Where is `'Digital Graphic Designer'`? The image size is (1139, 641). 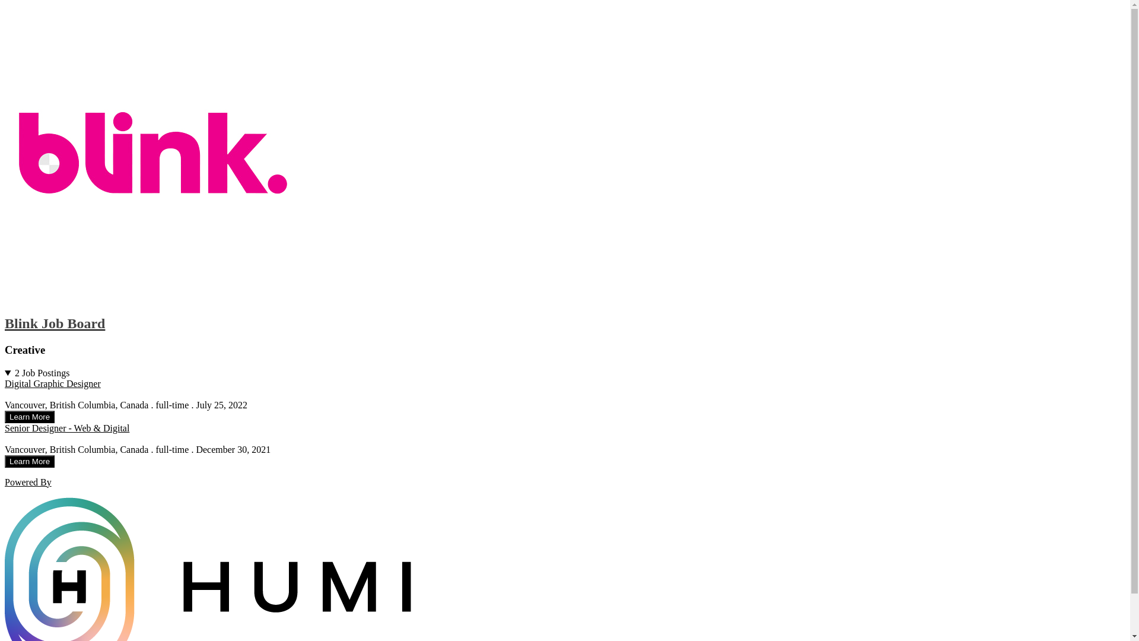
'Digital Graphic Designer' is located at coordinates (5, 383).